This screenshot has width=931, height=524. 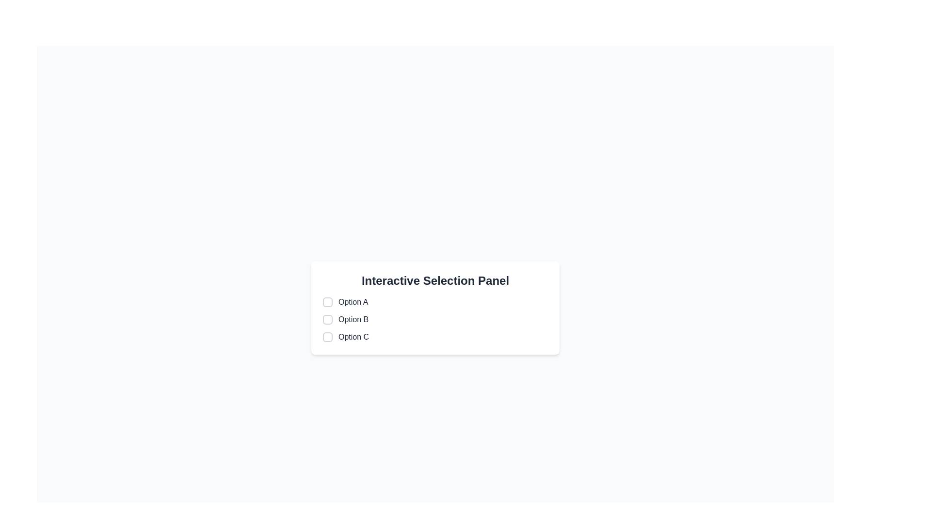 I want to click on label text located in the second row of the 'Interactive Selection Panel', positioned to the right of an unchecked checkbox, so click(x=353, y=320).